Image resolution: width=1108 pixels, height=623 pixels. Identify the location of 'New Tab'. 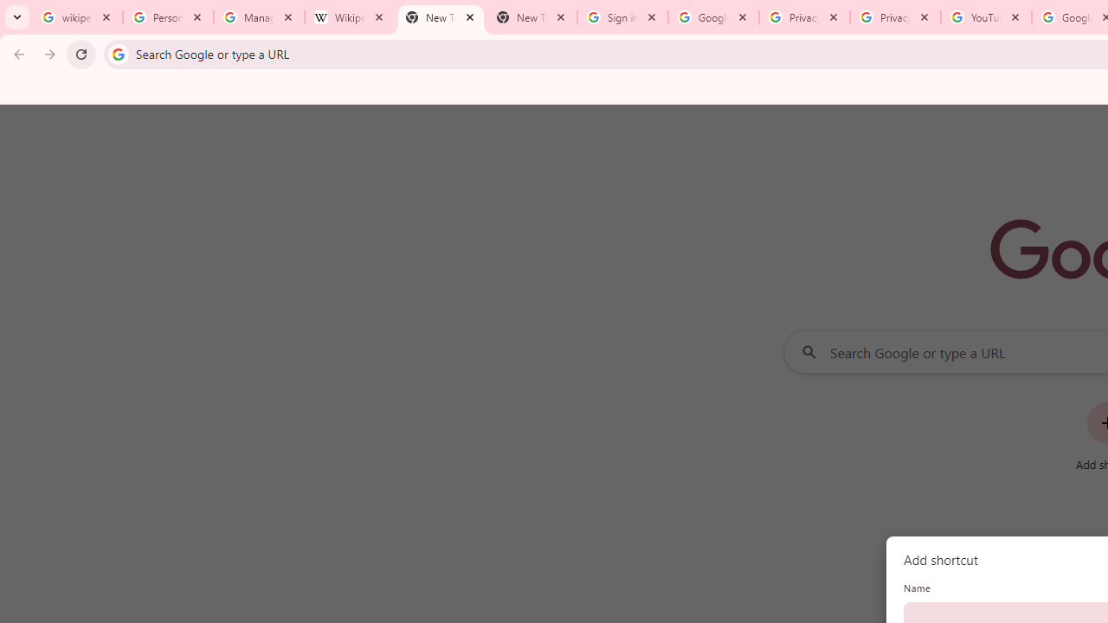
(441, 17).